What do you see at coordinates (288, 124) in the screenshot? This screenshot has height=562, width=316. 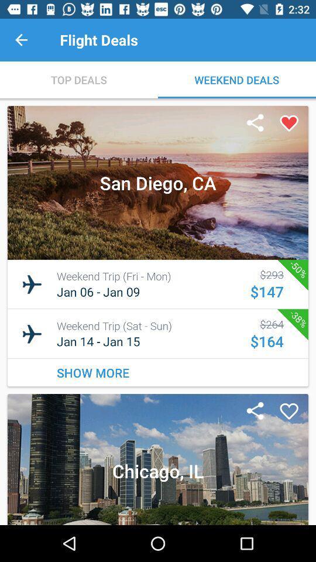 I see `mark as favorite` at bounding box center [288, 124].